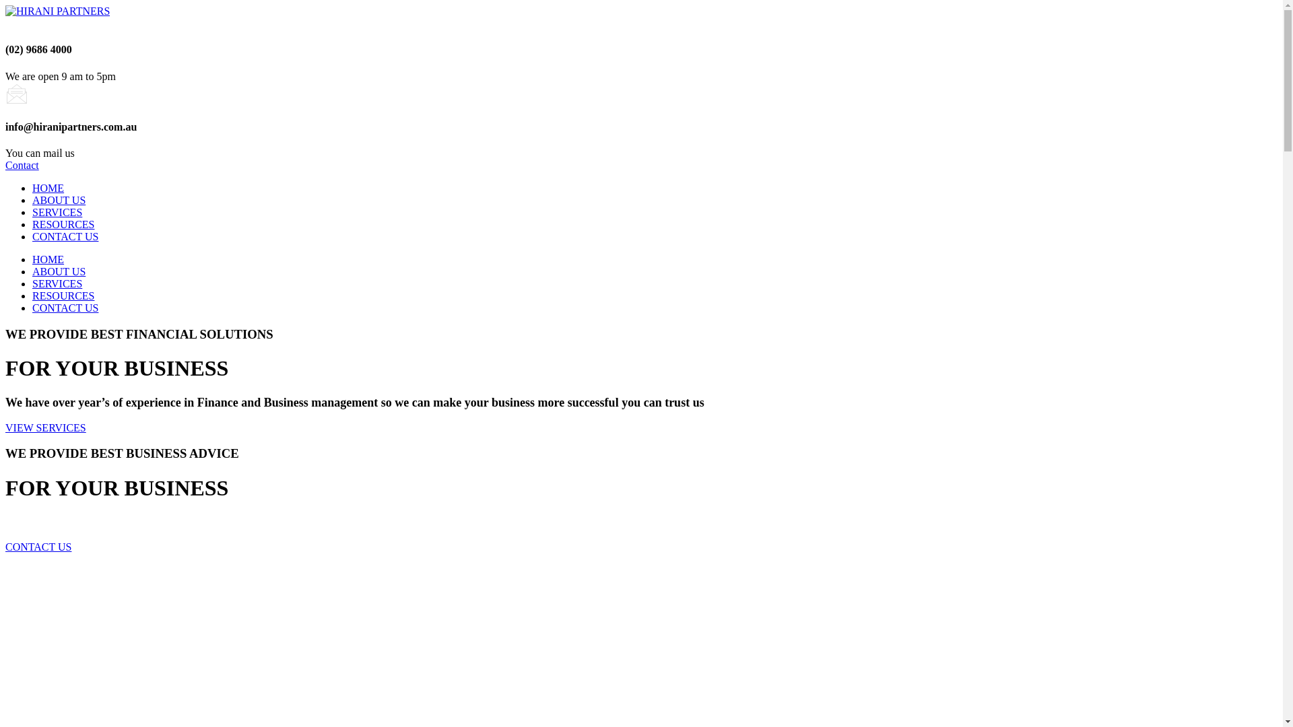 The width and height of the screenshot is (1293, 727). What do you see at coordinates (22, 164) in the screenshot?
I see `'Contact'` at bounding box center [22, 164].